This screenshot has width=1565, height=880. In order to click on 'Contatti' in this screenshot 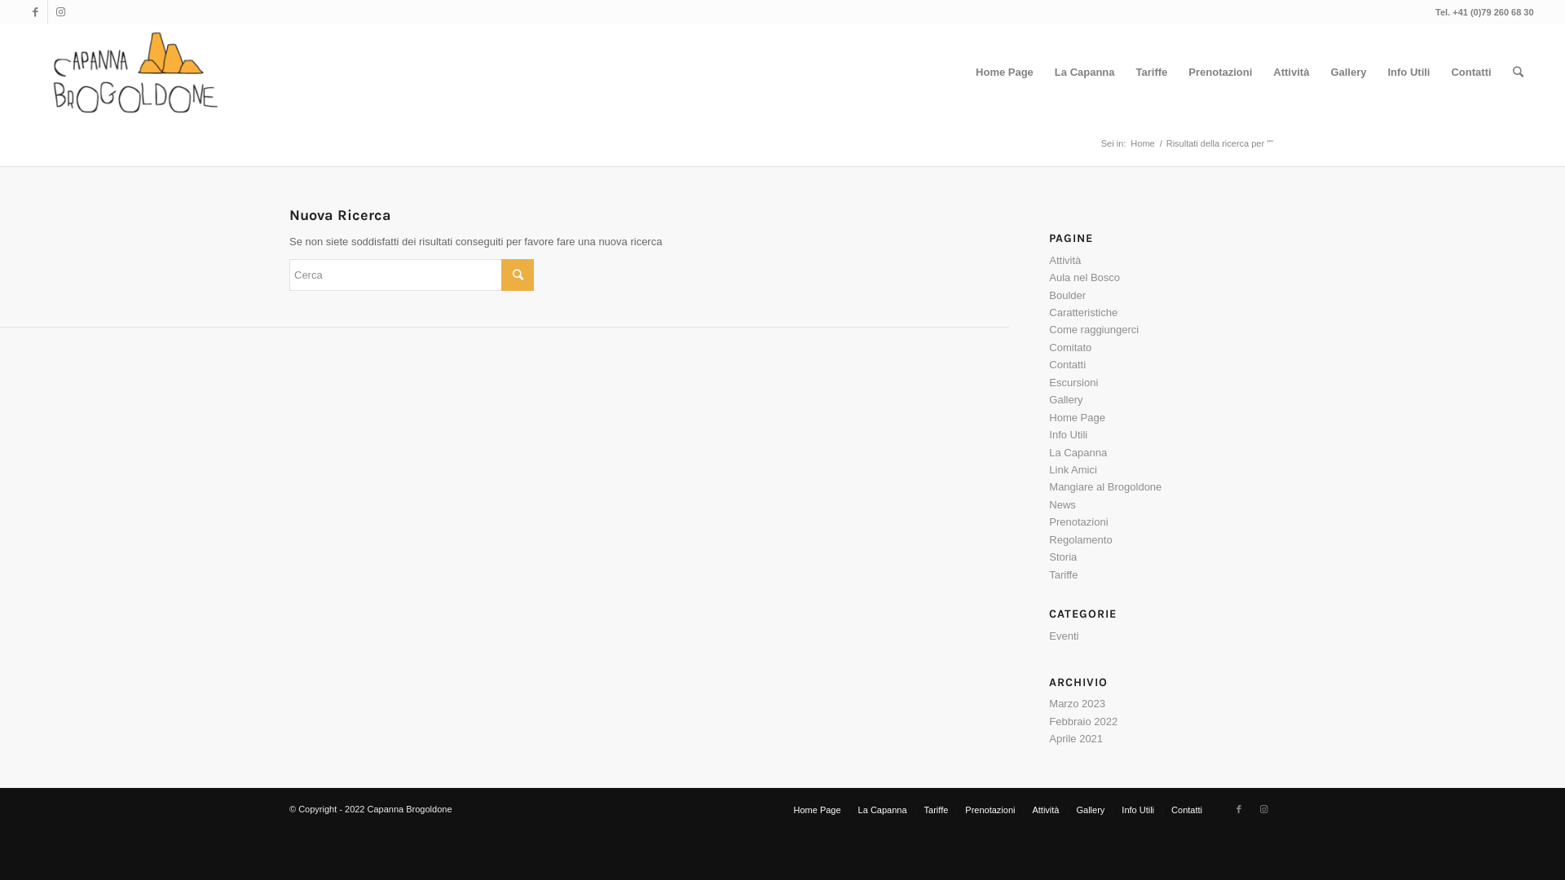, I will do `click(1186, 810)`.